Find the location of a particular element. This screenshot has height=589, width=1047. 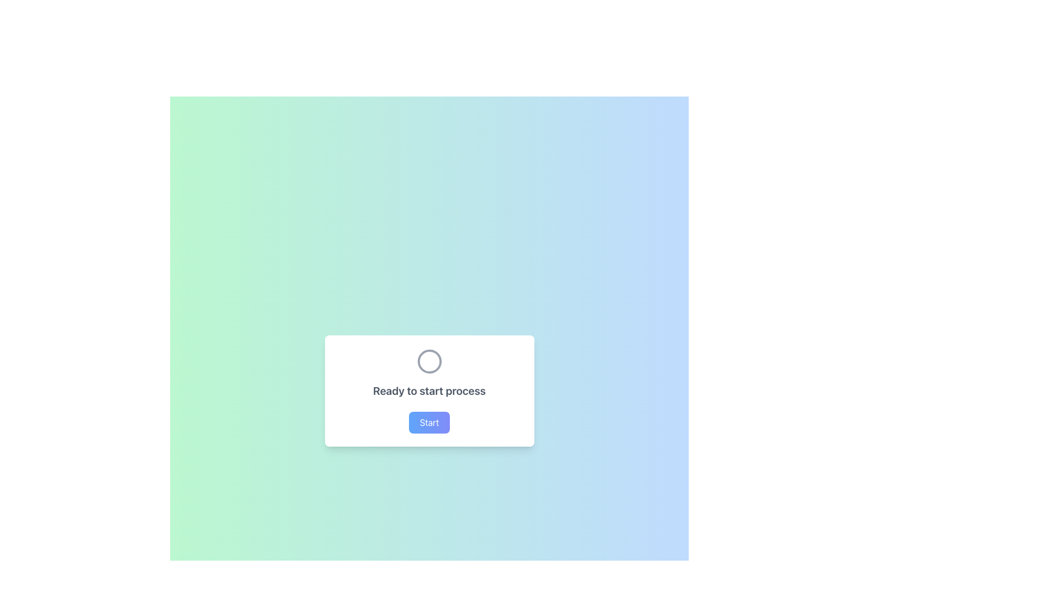

the 'Start' button, which is styled with a gradient from blue to indigo and white text, located at the bottom center of a white card, to activate its hover effects is located at coordinates (429, 422).